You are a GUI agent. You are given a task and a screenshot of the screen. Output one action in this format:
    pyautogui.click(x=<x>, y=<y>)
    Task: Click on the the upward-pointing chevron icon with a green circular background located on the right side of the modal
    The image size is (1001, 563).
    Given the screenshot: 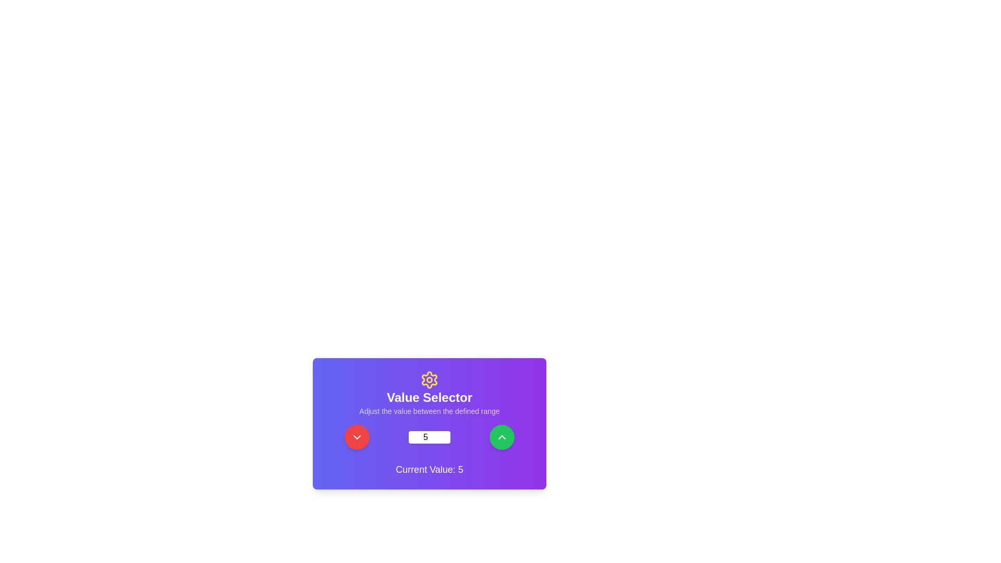 What is the action you would take?
    pyautogui.click(x=502, y=437)
    